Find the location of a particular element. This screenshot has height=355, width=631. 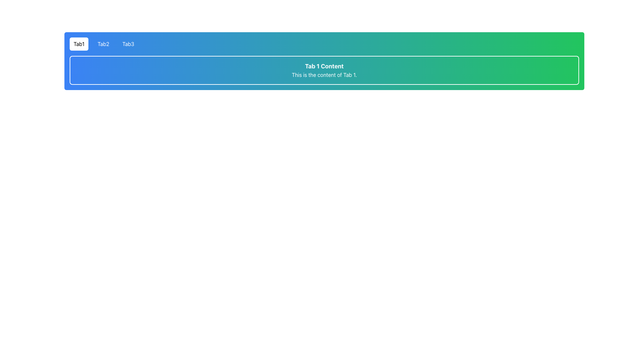

the 'Tab3' navigation item with a transparent background and white text is located at coordinates (128, 44).